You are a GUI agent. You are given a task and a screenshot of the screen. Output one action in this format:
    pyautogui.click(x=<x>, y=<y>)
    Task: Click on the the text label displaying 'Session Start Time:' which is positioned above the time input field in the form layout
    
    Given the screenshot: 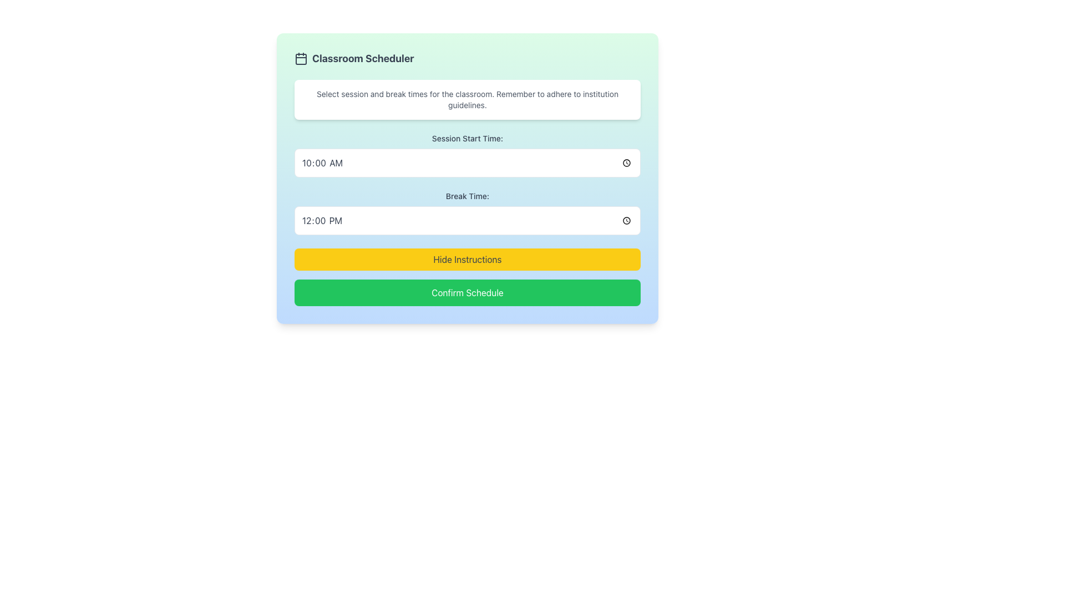 What is the action you would take?
    pyautogui.click(x=468, y=138)
    